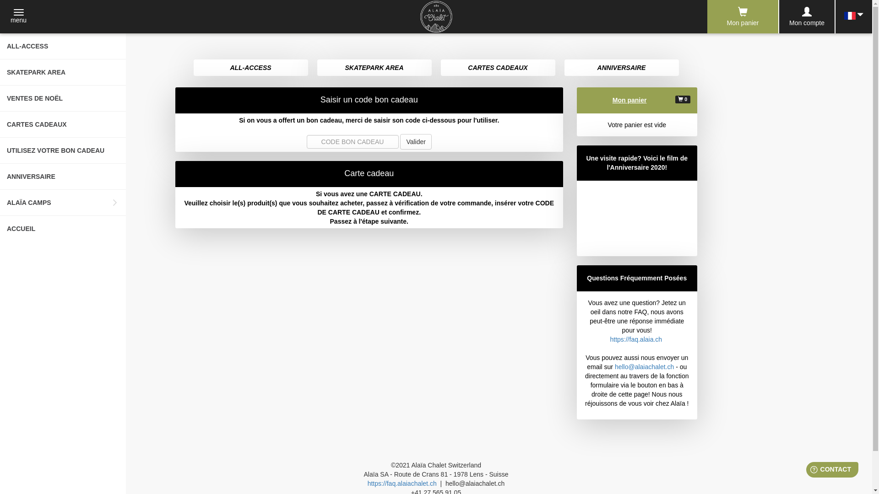 The height and width of the screenshot is (494, 879). Describe the element at coordinates (18, 17) in the screenshot. I see `'menu'` at that location.